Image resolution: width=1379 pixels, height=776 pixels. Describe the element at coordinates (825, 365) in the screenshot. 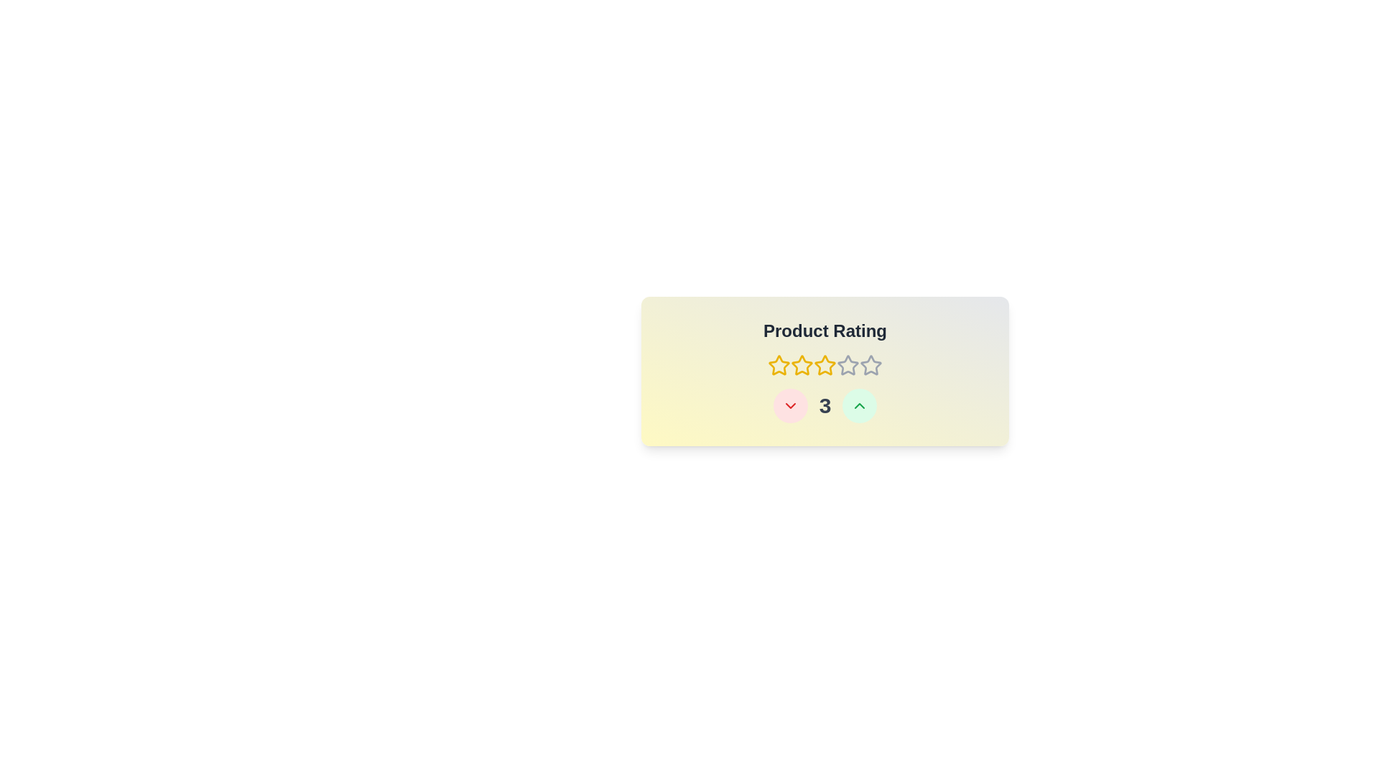

I see `the third star in the 3-star rating icon located in the 'Product Rating' section` at that location.